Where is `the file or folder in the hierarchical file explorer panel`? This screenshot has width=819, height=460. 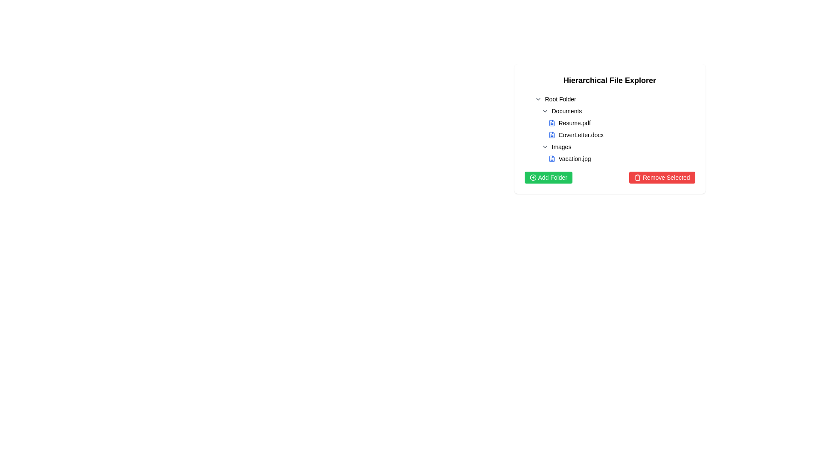
the file or folder in the hierarchical file explorer panel is located at coordinates (609, 129).